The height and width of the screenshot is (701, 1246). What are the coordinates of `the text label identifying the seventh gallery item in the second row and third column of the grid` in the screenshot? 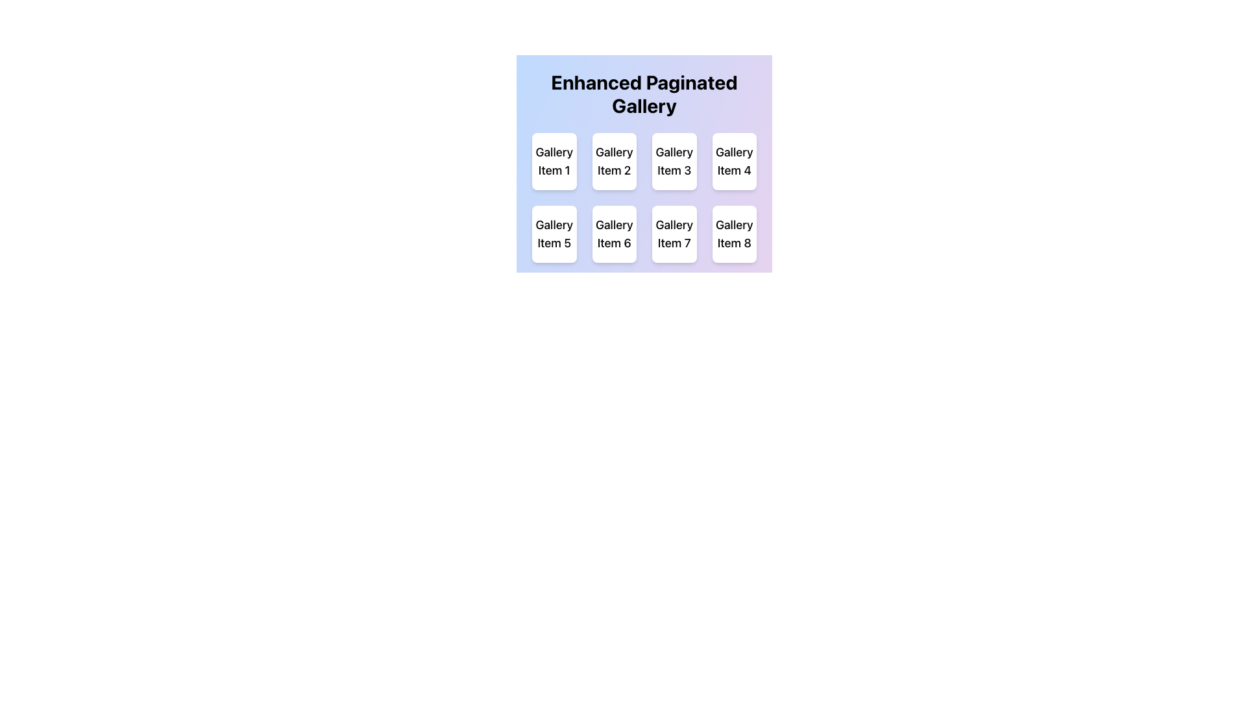 It's located at (674, 234).